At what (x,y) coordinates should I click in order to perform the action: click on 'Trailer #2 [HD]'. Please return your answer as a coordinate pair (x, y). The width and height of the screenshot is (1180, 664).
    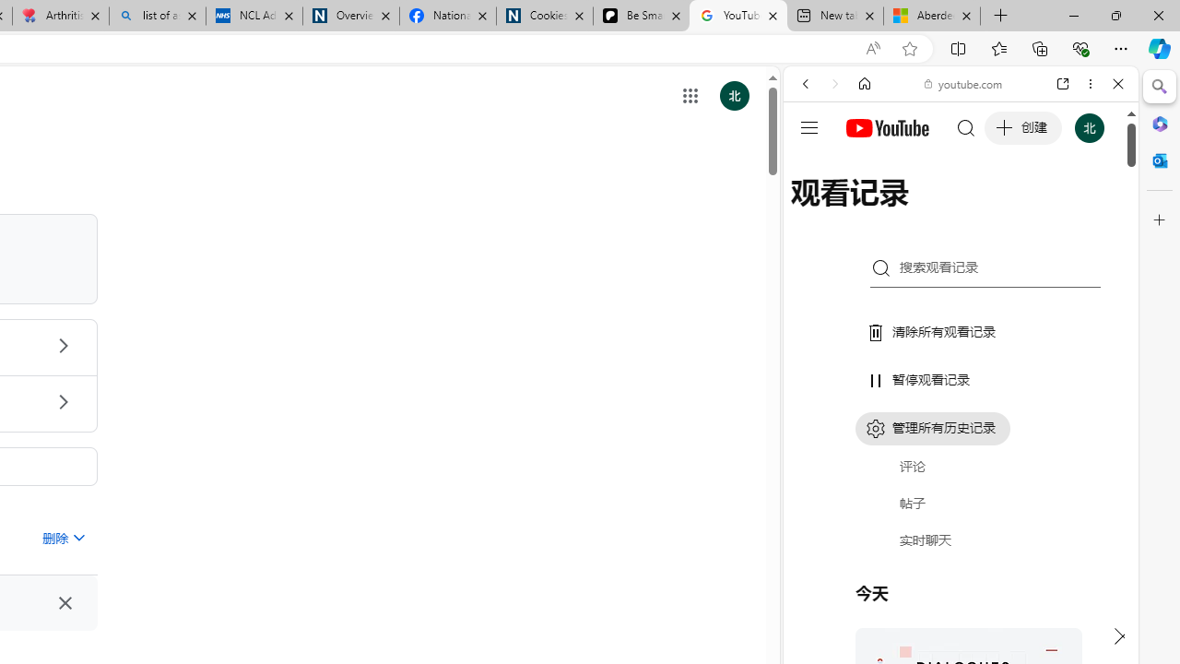
    Looking at the image, I should click on (960, 547).